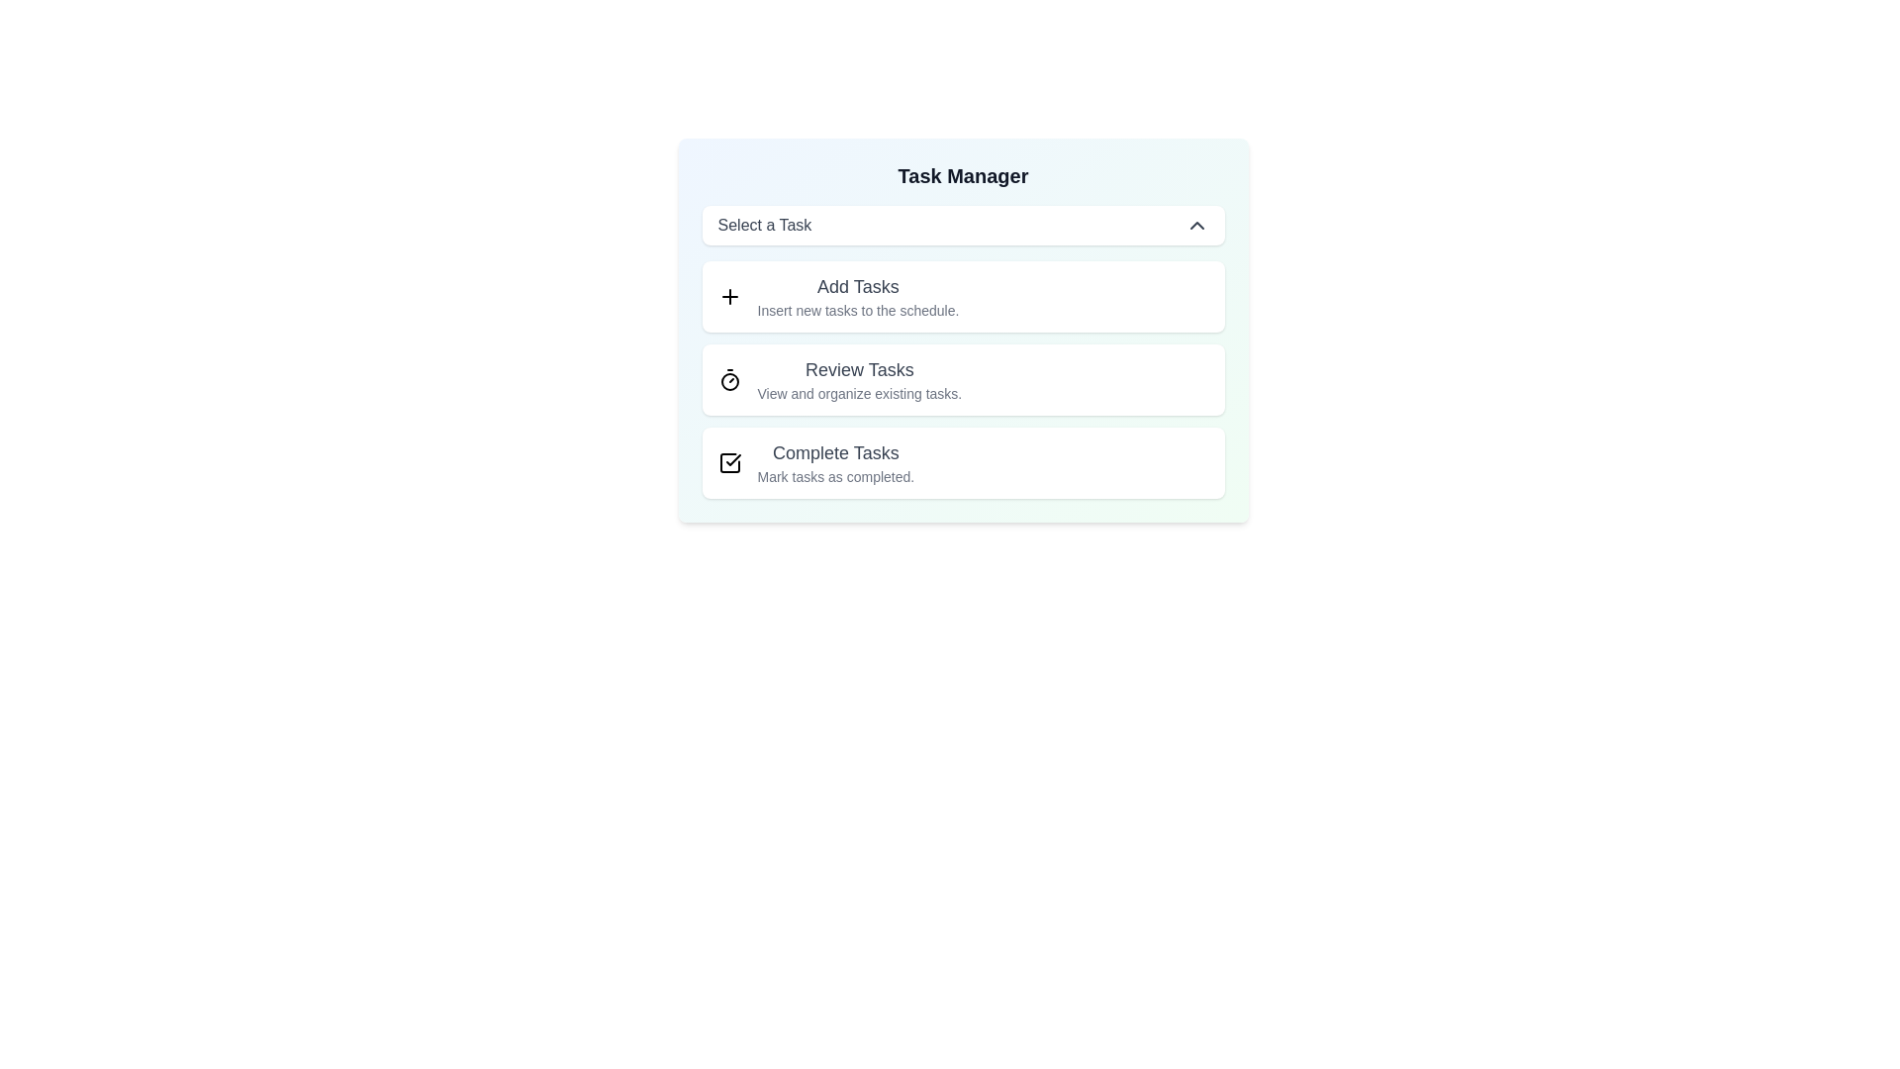 The height and width of the screenshot is (1069, 1900). Describe the element at coordinates (1195, 224) in the screenshot. I see `the dropdown toggle button to toggle the menu` at that location.